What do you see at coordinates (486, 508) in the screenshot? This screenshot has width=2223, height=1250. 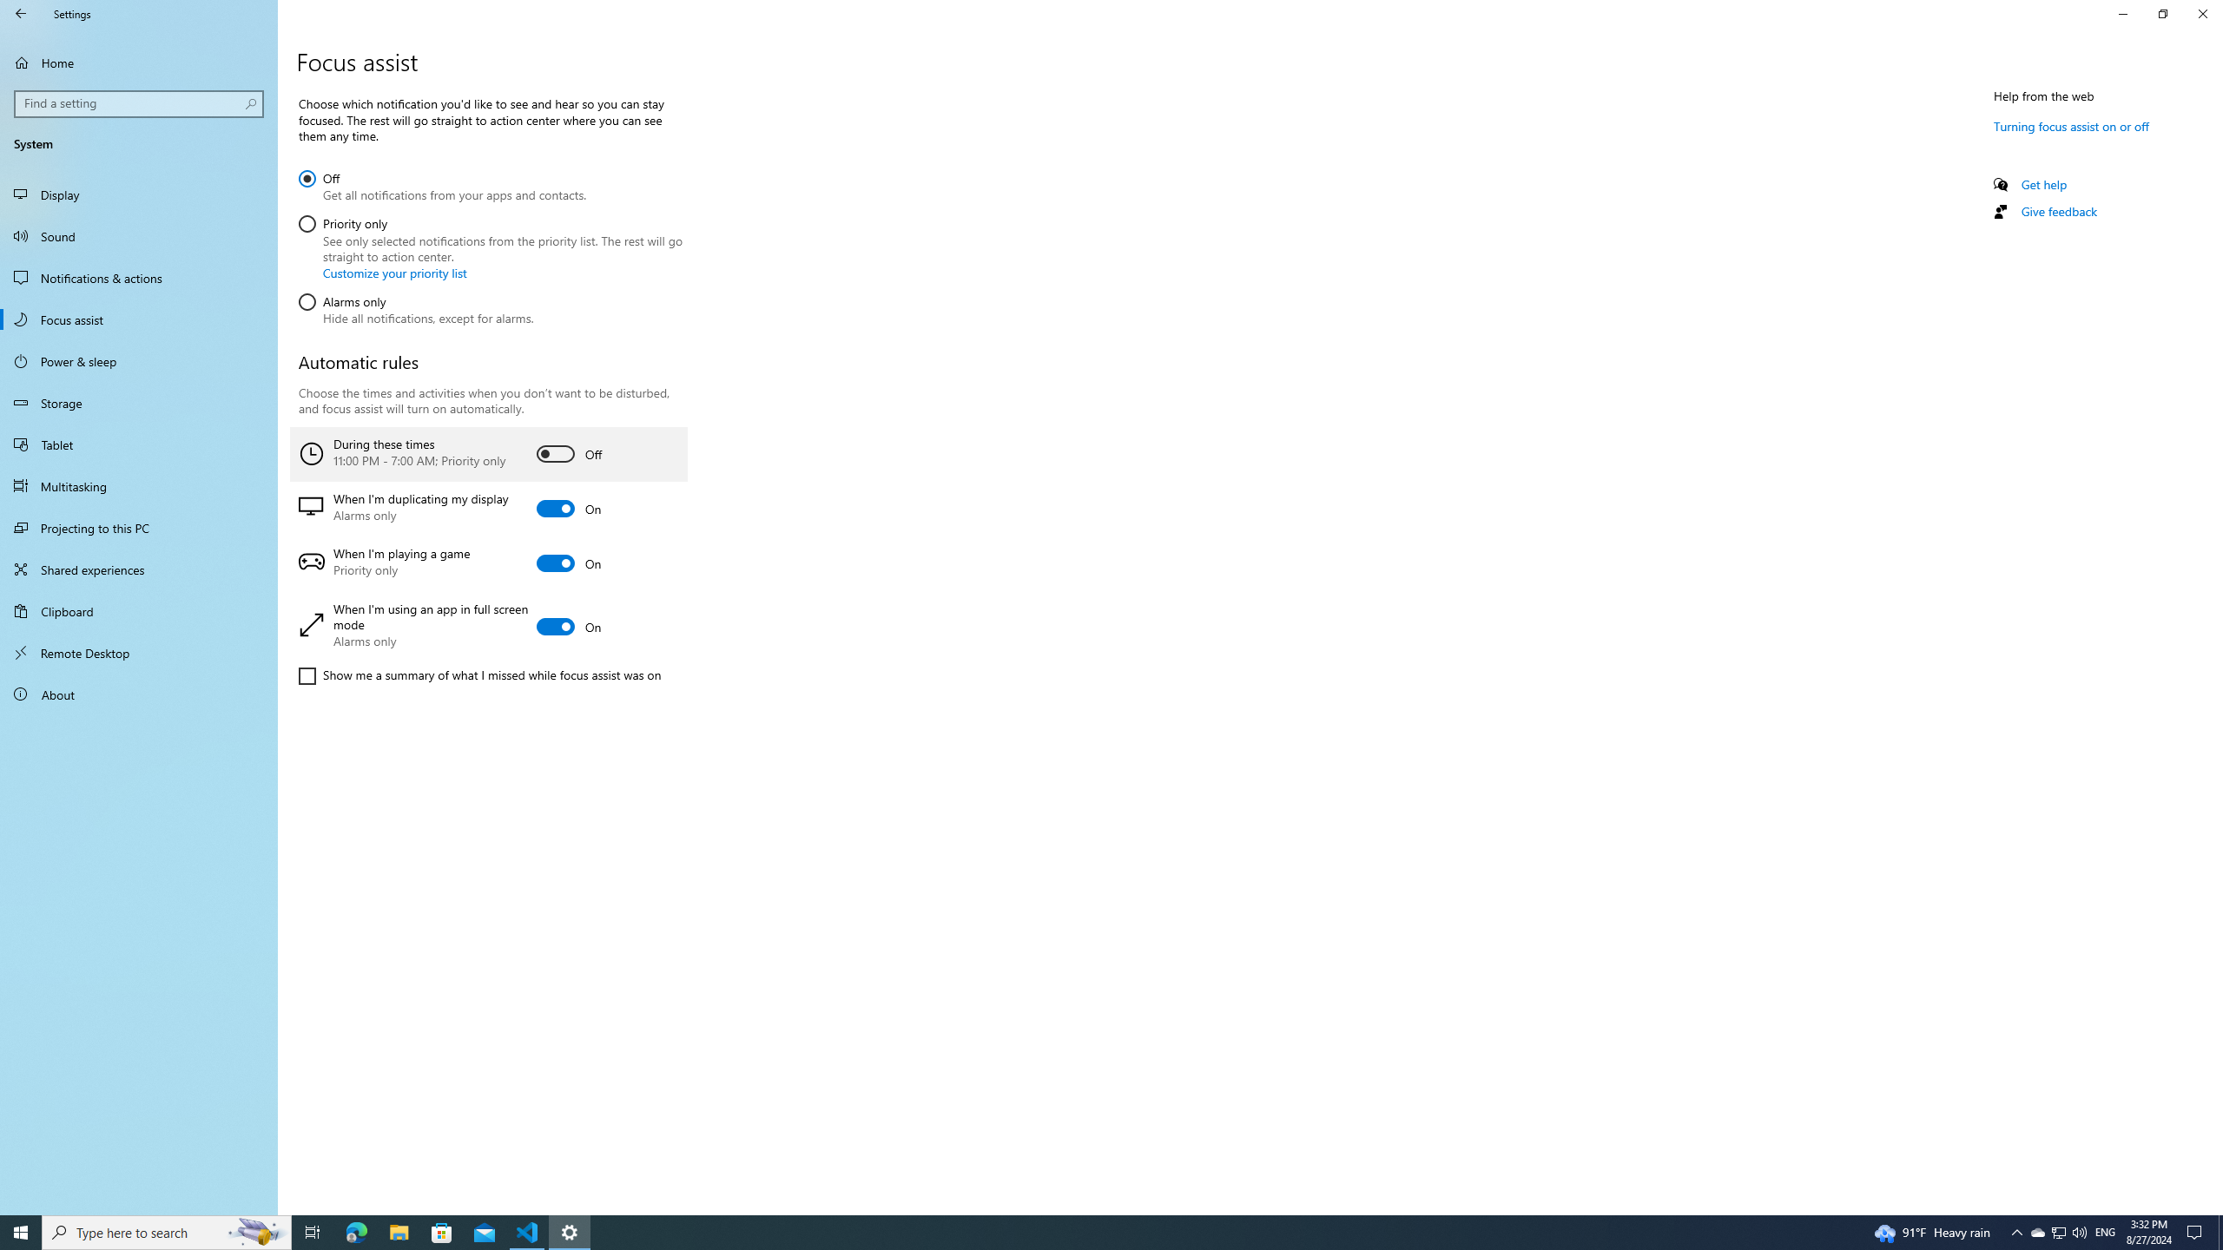 I see `'When I'` at bounding box center [486, 508].